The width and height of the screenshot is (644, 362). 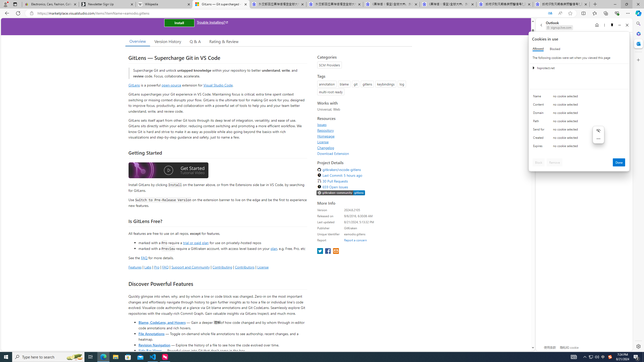 I want to click on 'Name', so click(x=539, y=97).